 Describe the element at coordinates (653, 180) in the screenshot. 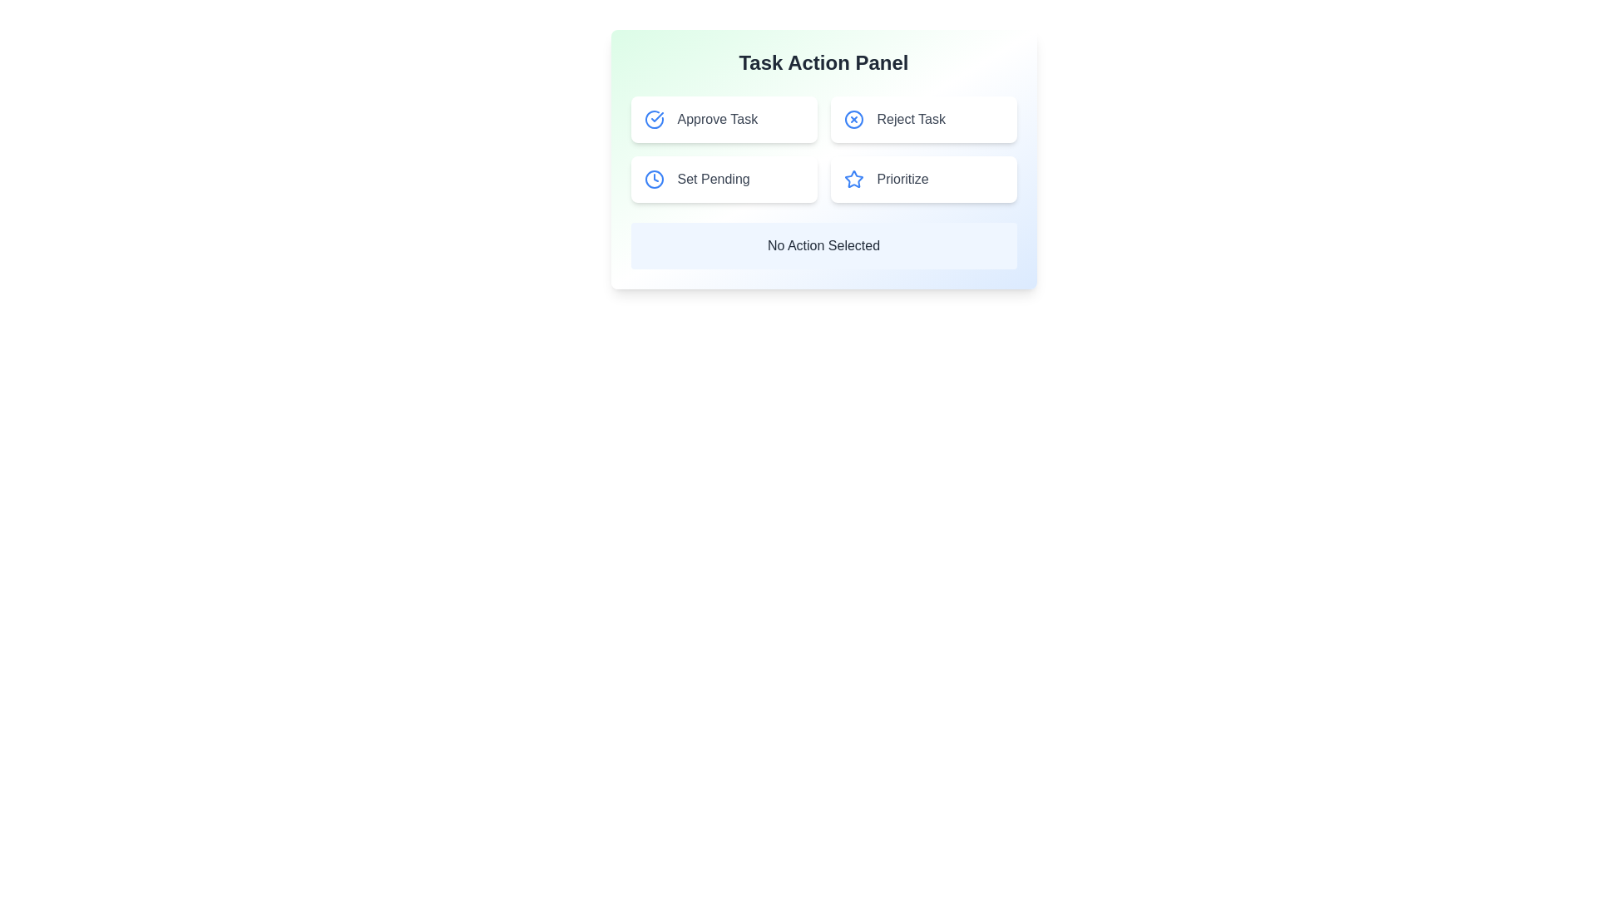

I see `the icon representing 'Pending' status located within the 'Set Pending' button in the second row of buttons` at that location.